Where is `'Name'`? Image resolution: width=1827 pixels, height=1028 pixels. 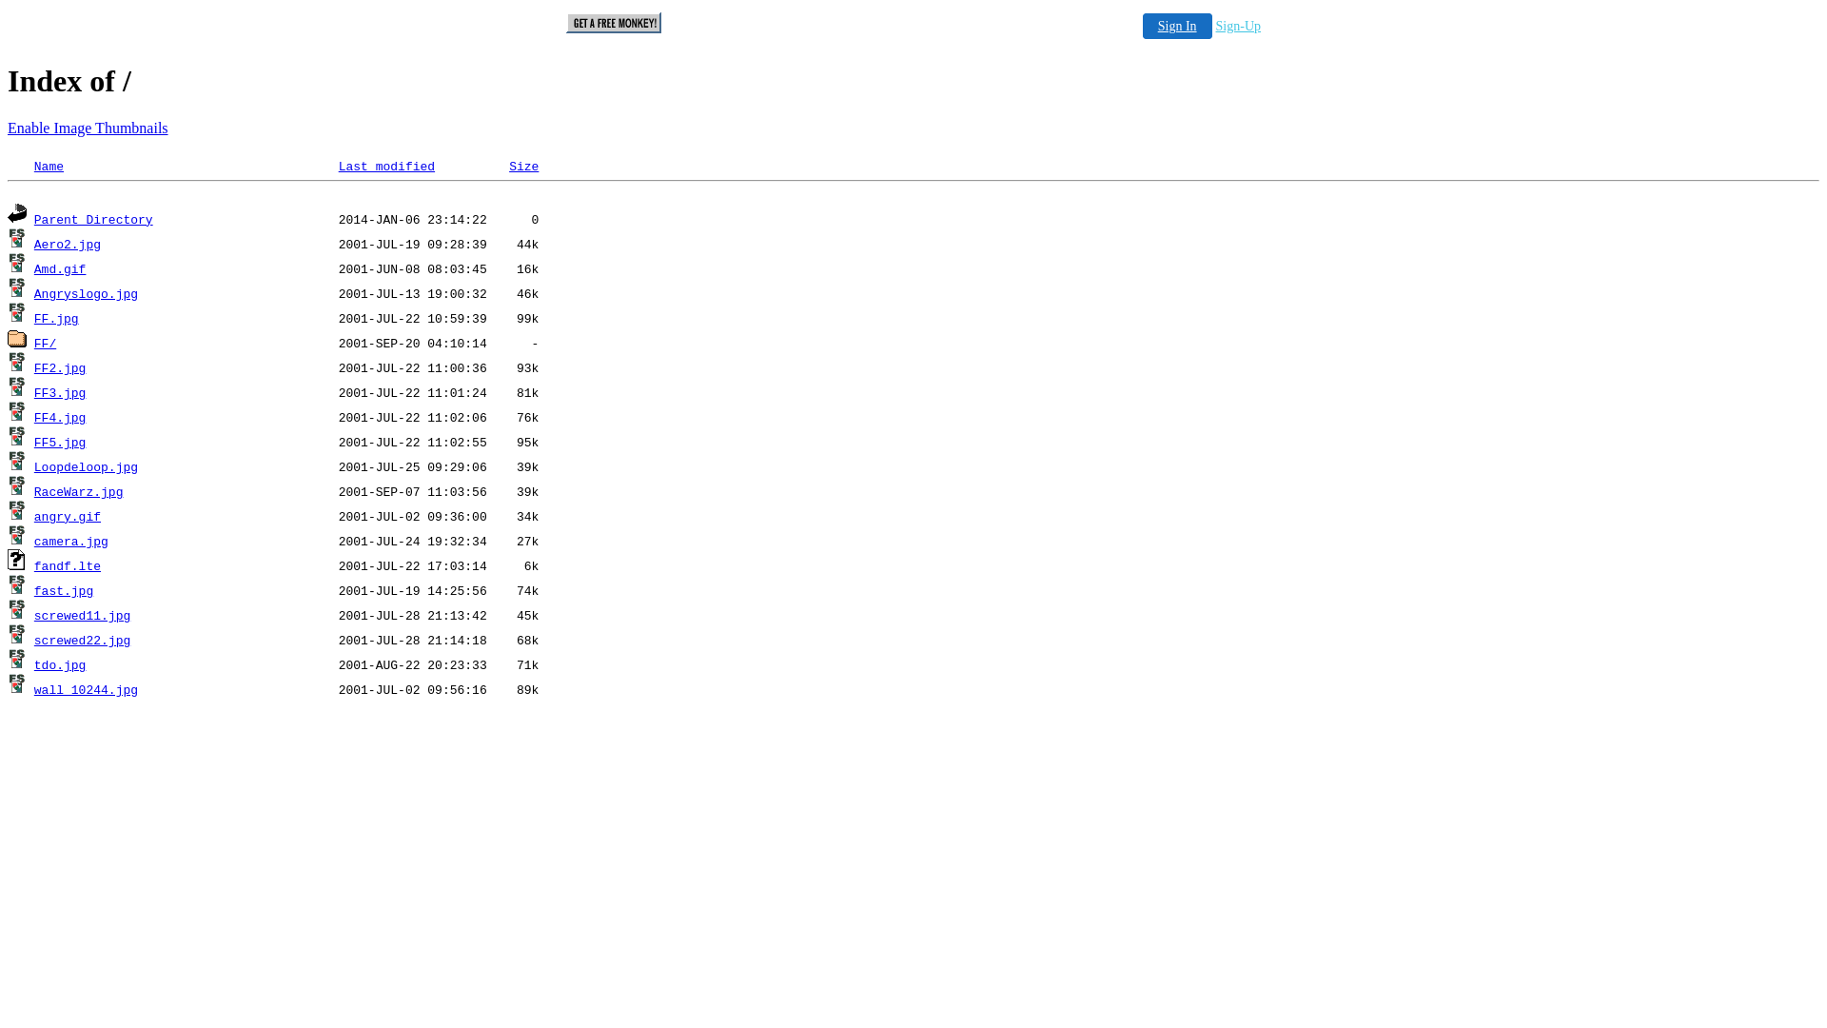
'Name' is located at coordinates (49, 166).